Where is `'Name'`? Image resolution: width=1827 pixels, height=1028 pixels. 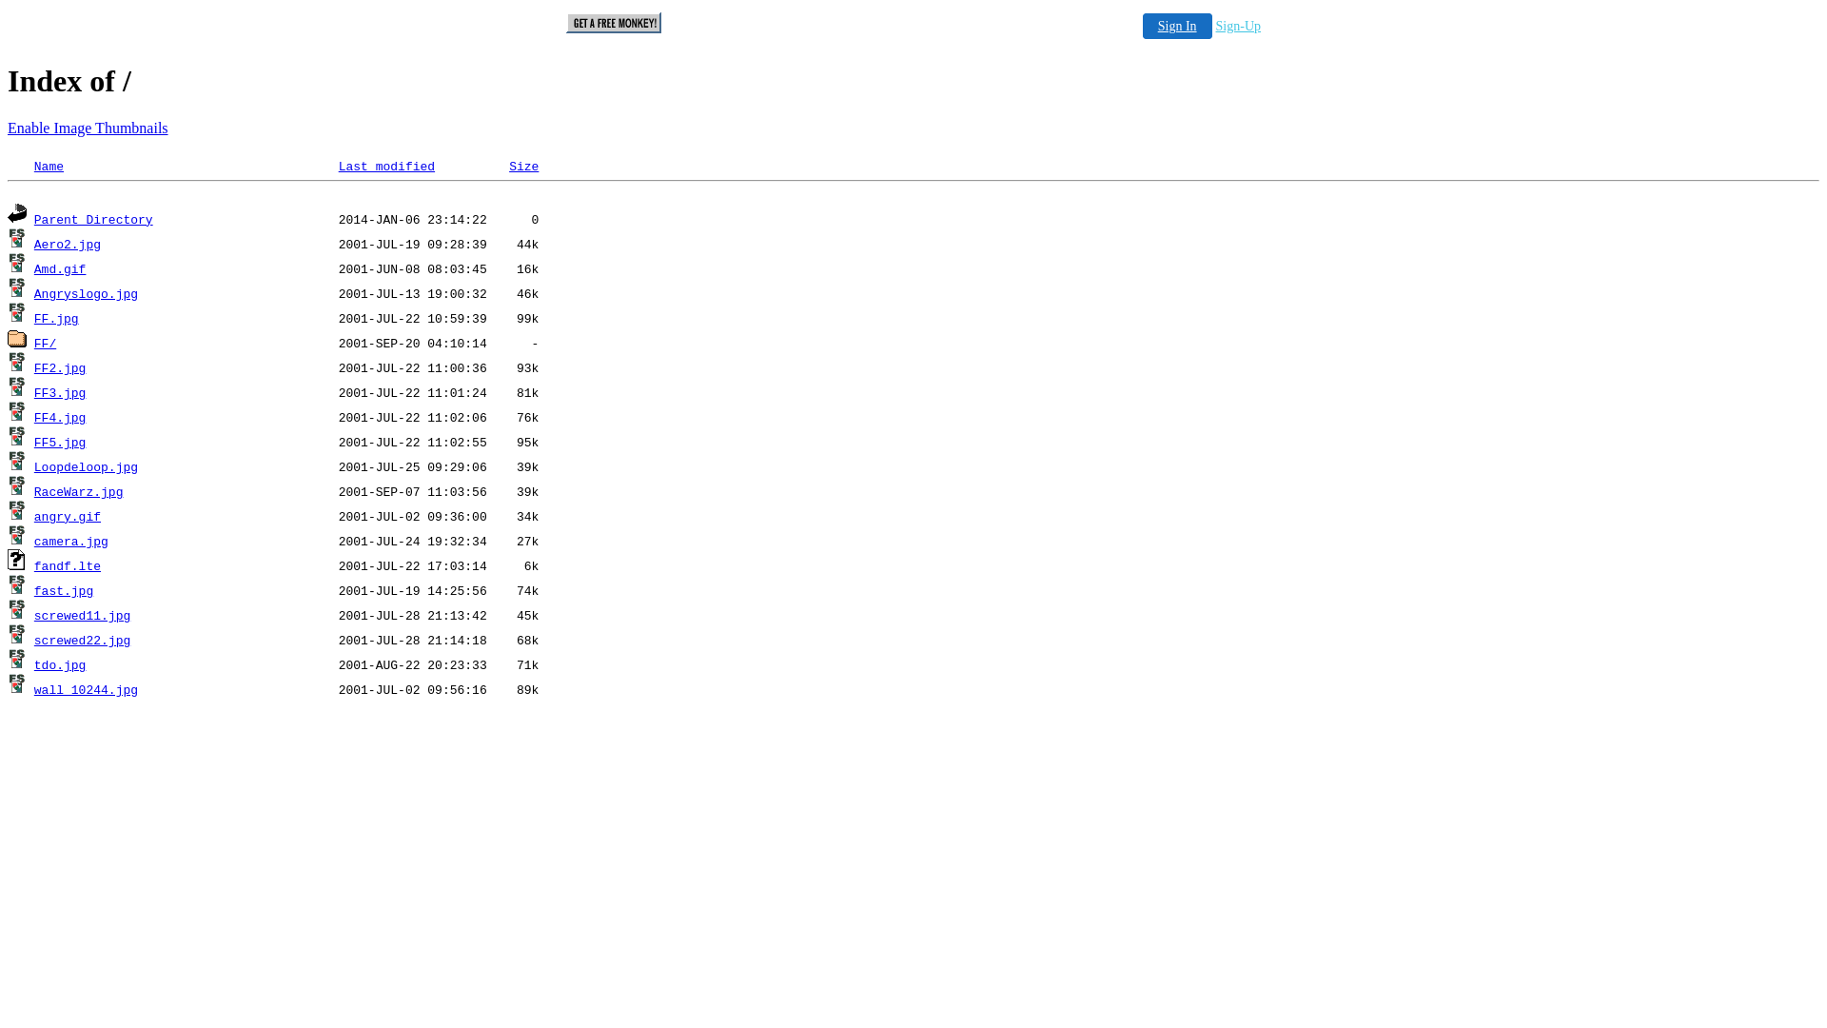
'Name' is located at coordinates (49, 166).